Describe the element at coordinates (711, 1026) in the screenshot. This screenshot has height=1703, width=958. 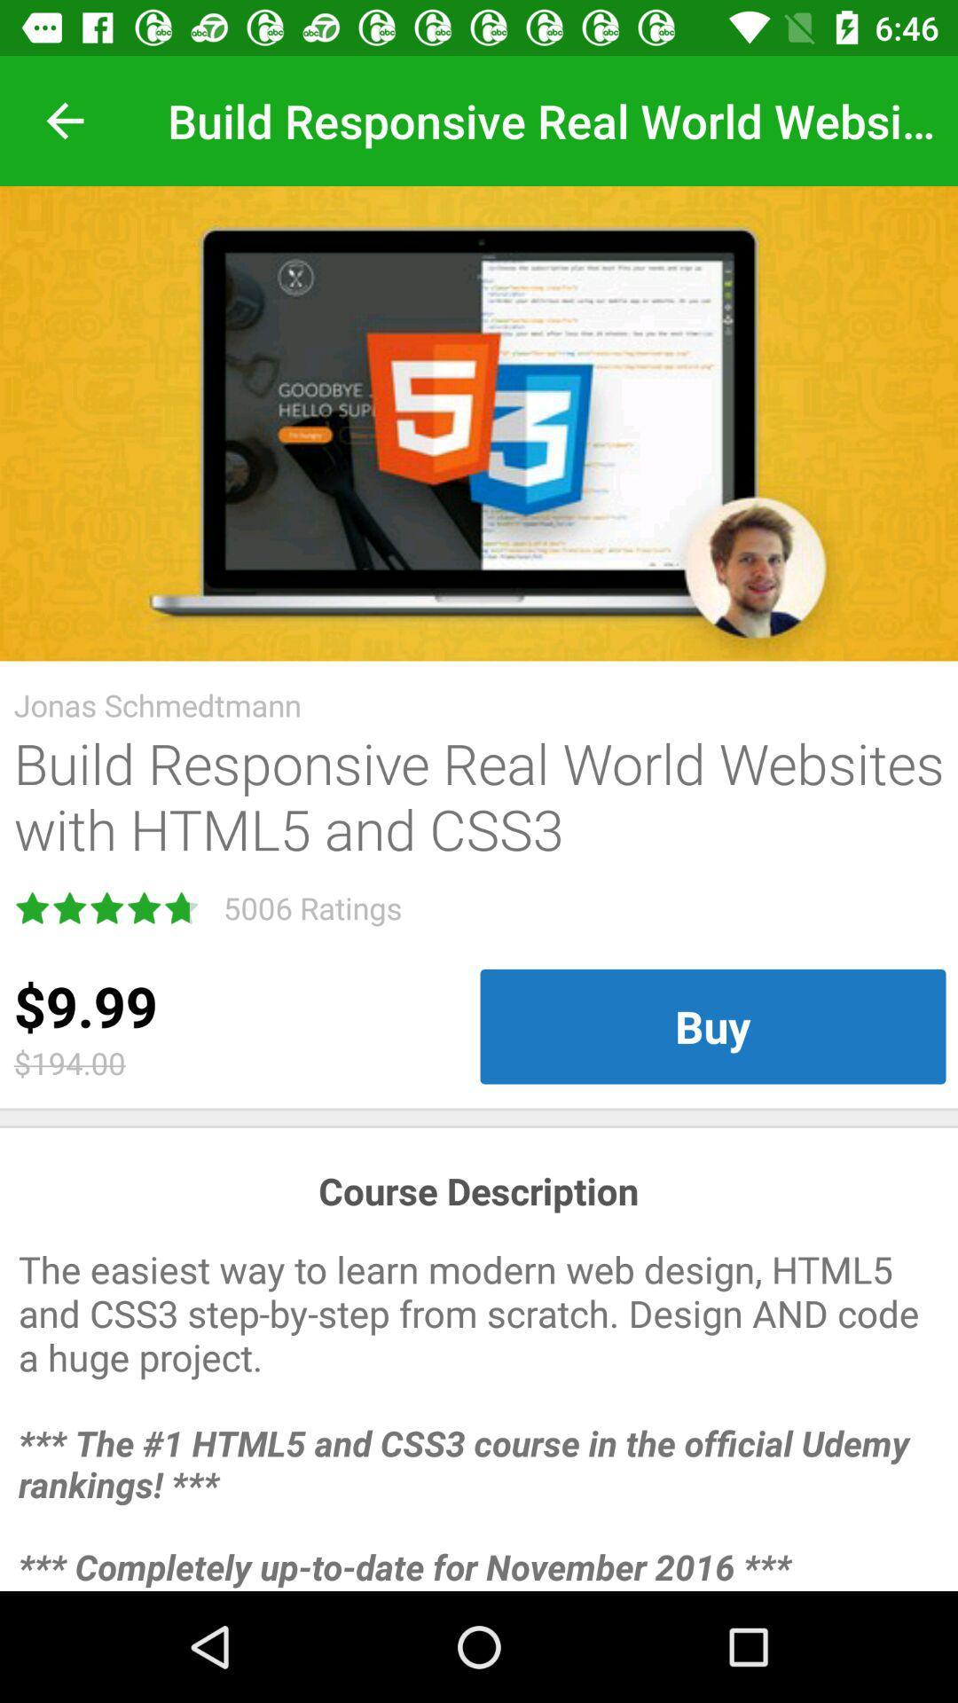
I see `the item next to the $9.99 icon` at that location.